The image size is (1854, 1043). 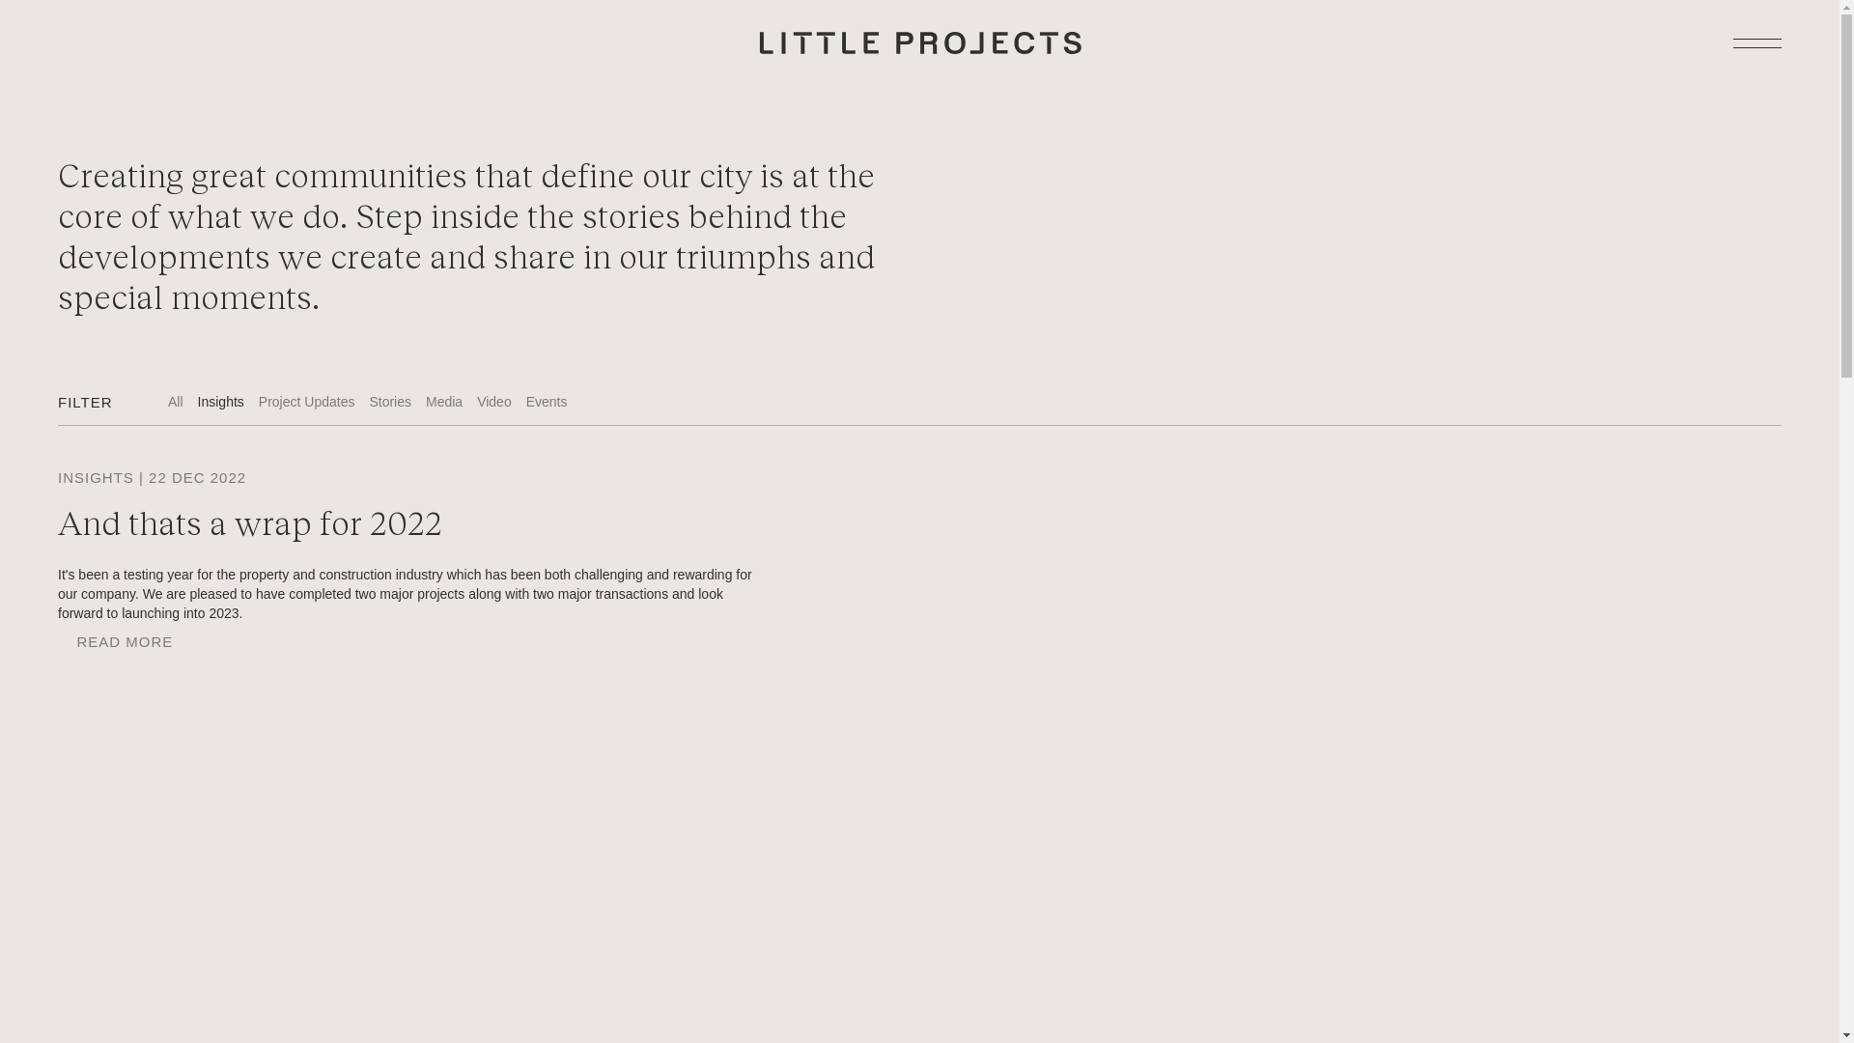 I want to click on 'Insights', so click(x=221, y=401).